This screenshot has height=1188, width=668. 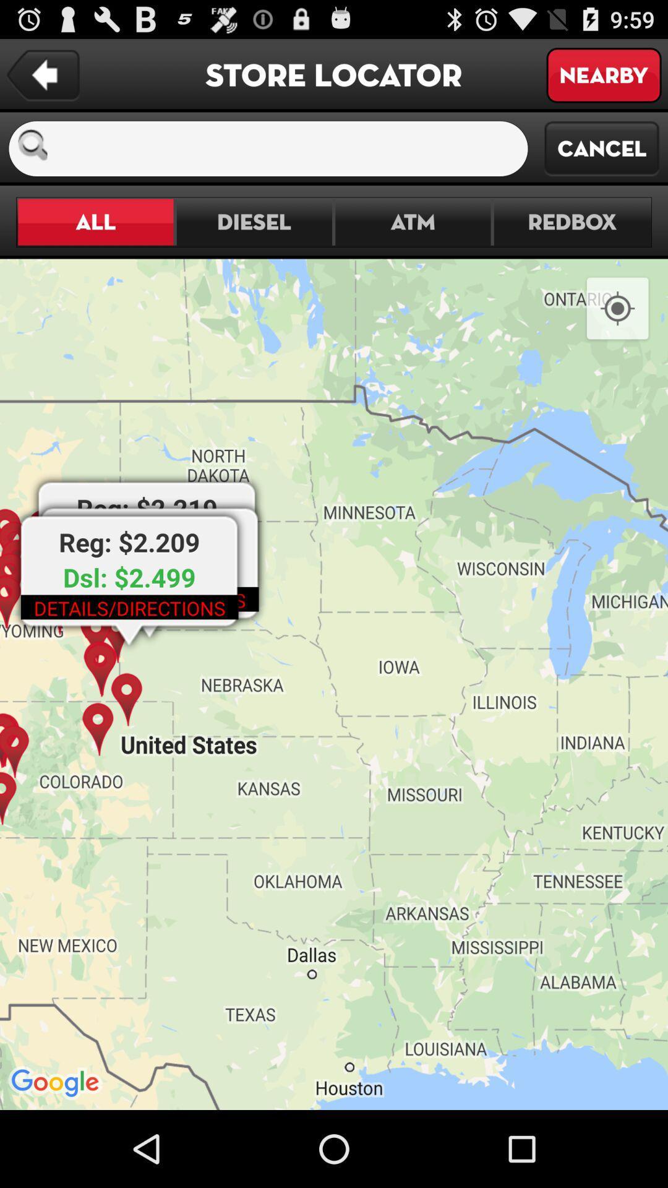 What do you see at coordinates (413, 222) in the screenshot?
I see `the atm` at bounding box center [413, 222].